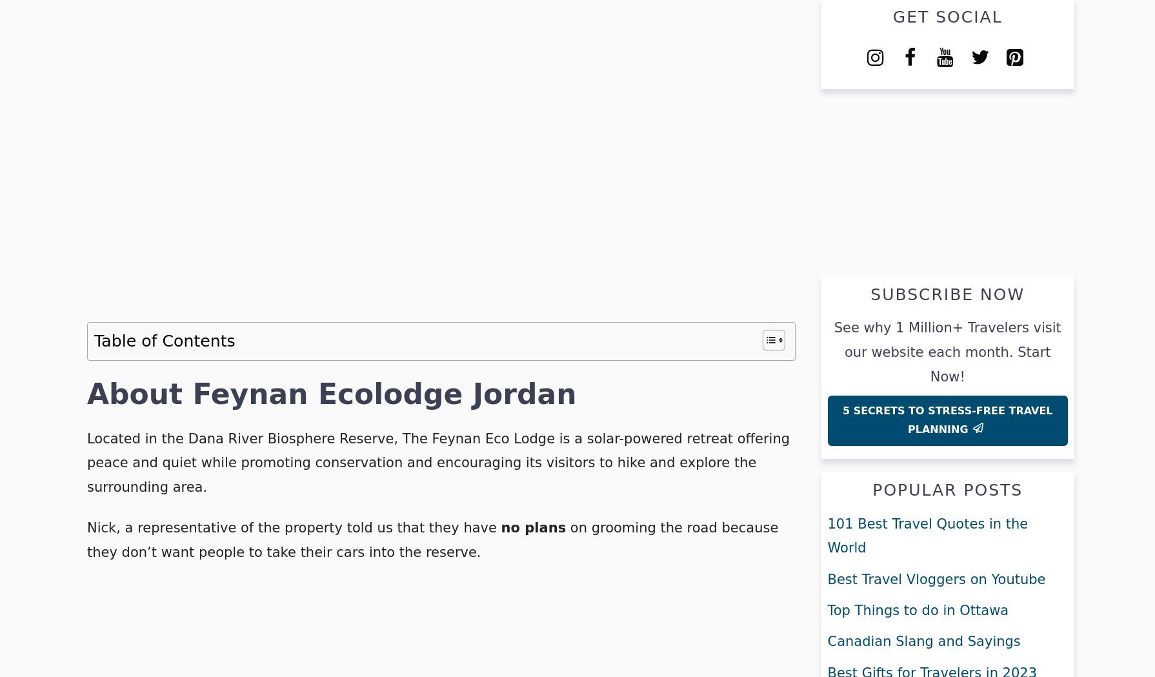 The width and height of the screenshot is (1155, 677). Describe the element at coordinates (86, 527) in the screenshot. I see `'Nick, a representative of the property told us that they have'` at that location.